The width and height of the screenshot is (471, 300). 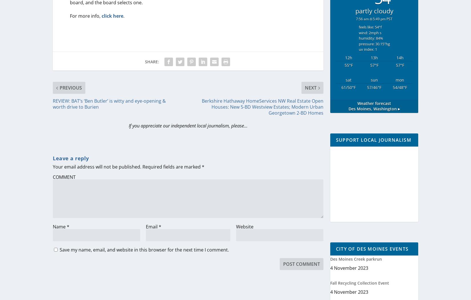 I want to click on '.', so click(x=123, y=15).